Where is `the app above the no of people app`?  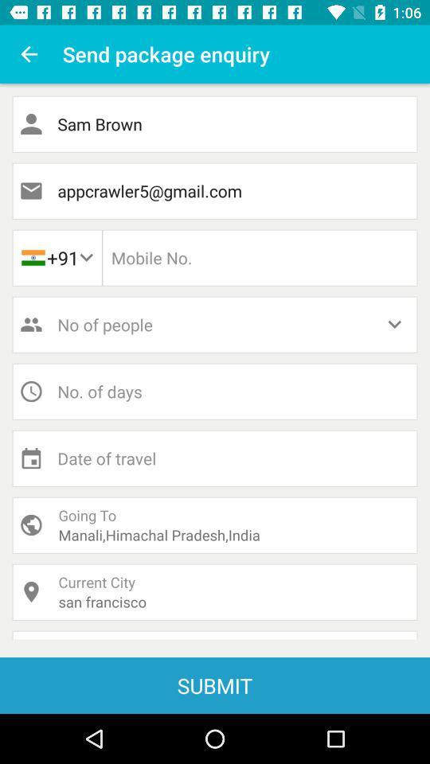 the app above the no of people app is located at coordinates (56, 258).